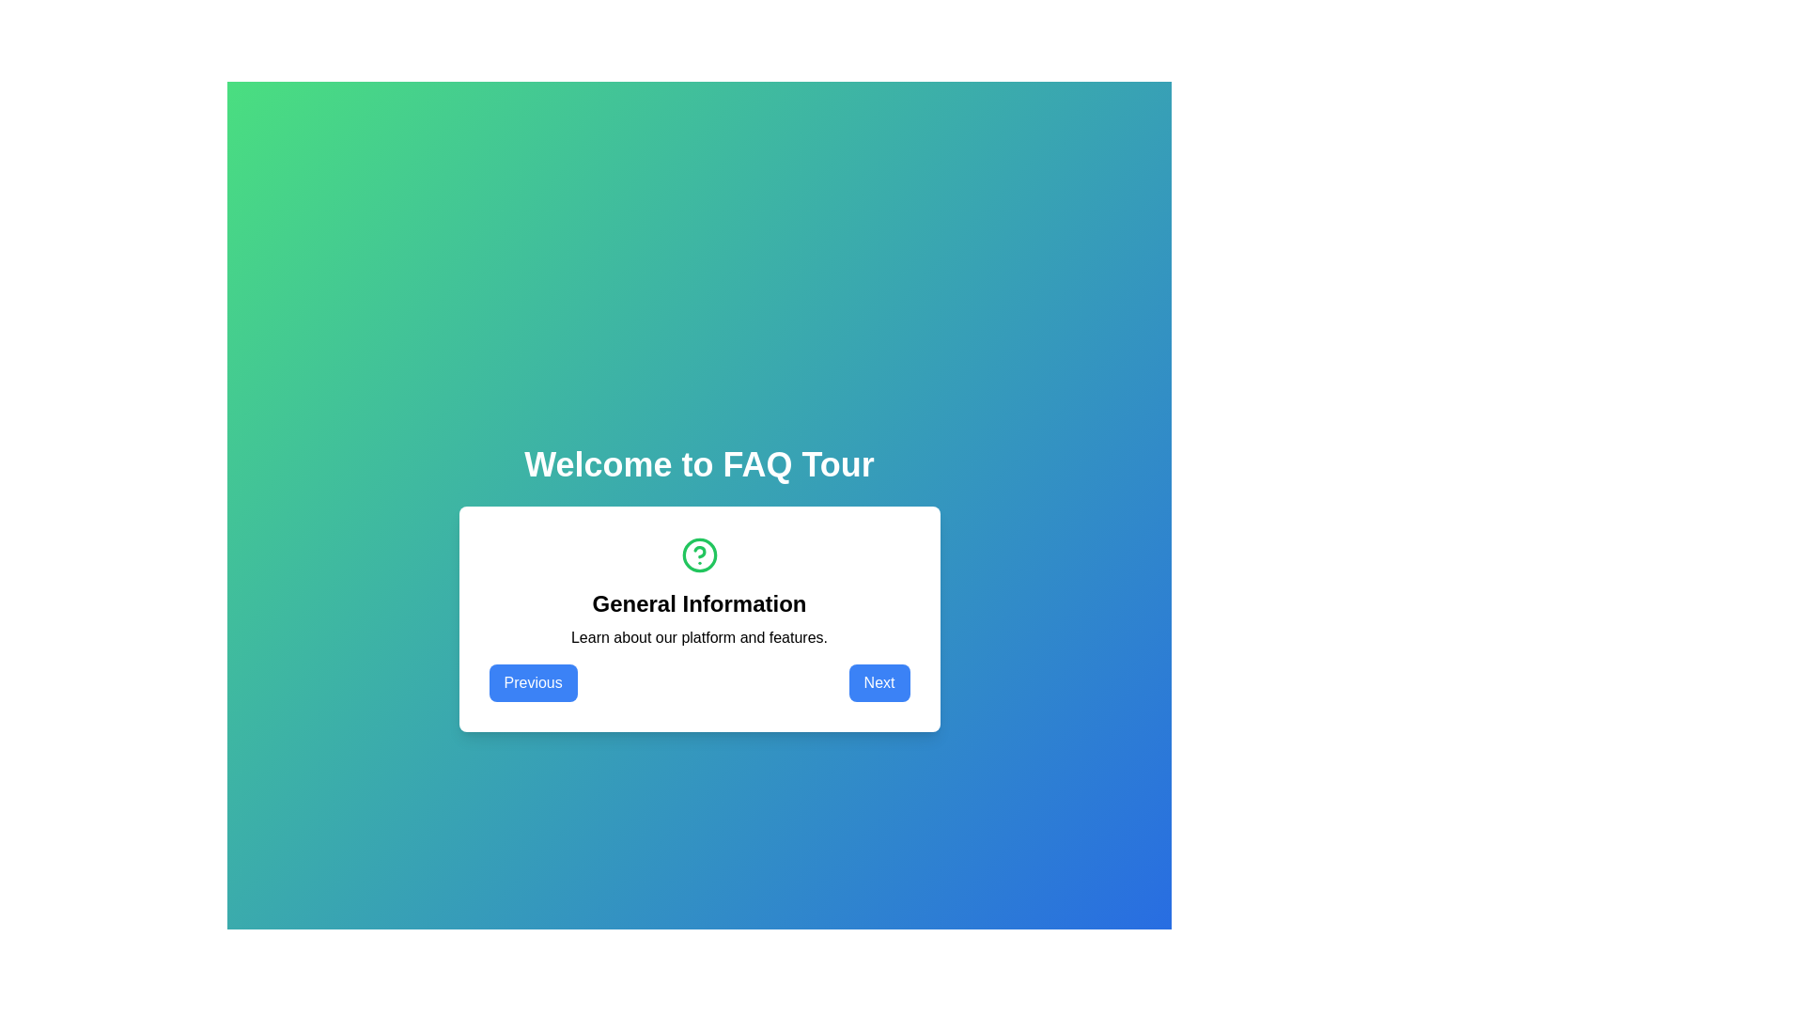  I want to click on the green circular icon with a question mark symbol inside, located above the 'General Information' heading, so click(698, 554).